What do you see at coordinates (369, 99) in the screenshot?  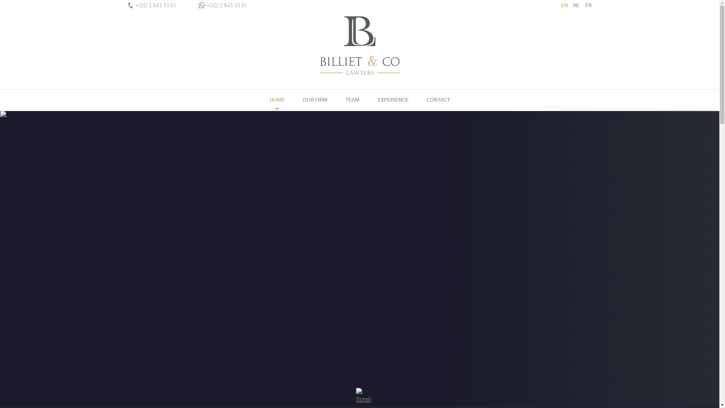 I see `'EXPERIENCE'` at bounding box center [369, 99].